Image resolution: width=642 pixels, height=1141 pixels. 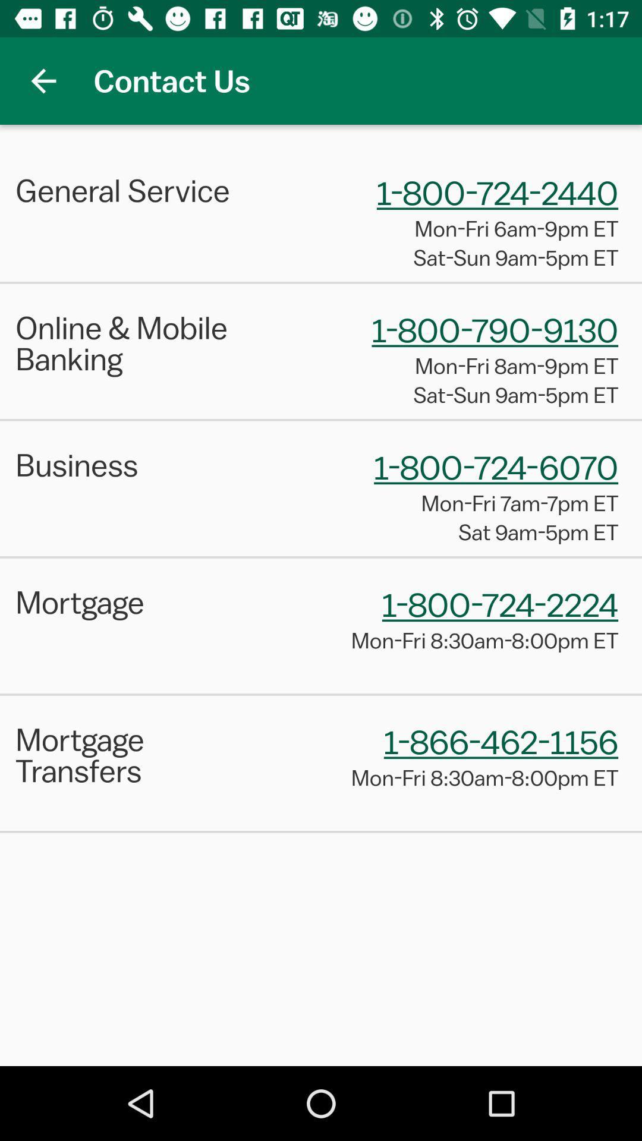 I want to click on the item below the sat sun 9am item, so click(x=321, y=420).